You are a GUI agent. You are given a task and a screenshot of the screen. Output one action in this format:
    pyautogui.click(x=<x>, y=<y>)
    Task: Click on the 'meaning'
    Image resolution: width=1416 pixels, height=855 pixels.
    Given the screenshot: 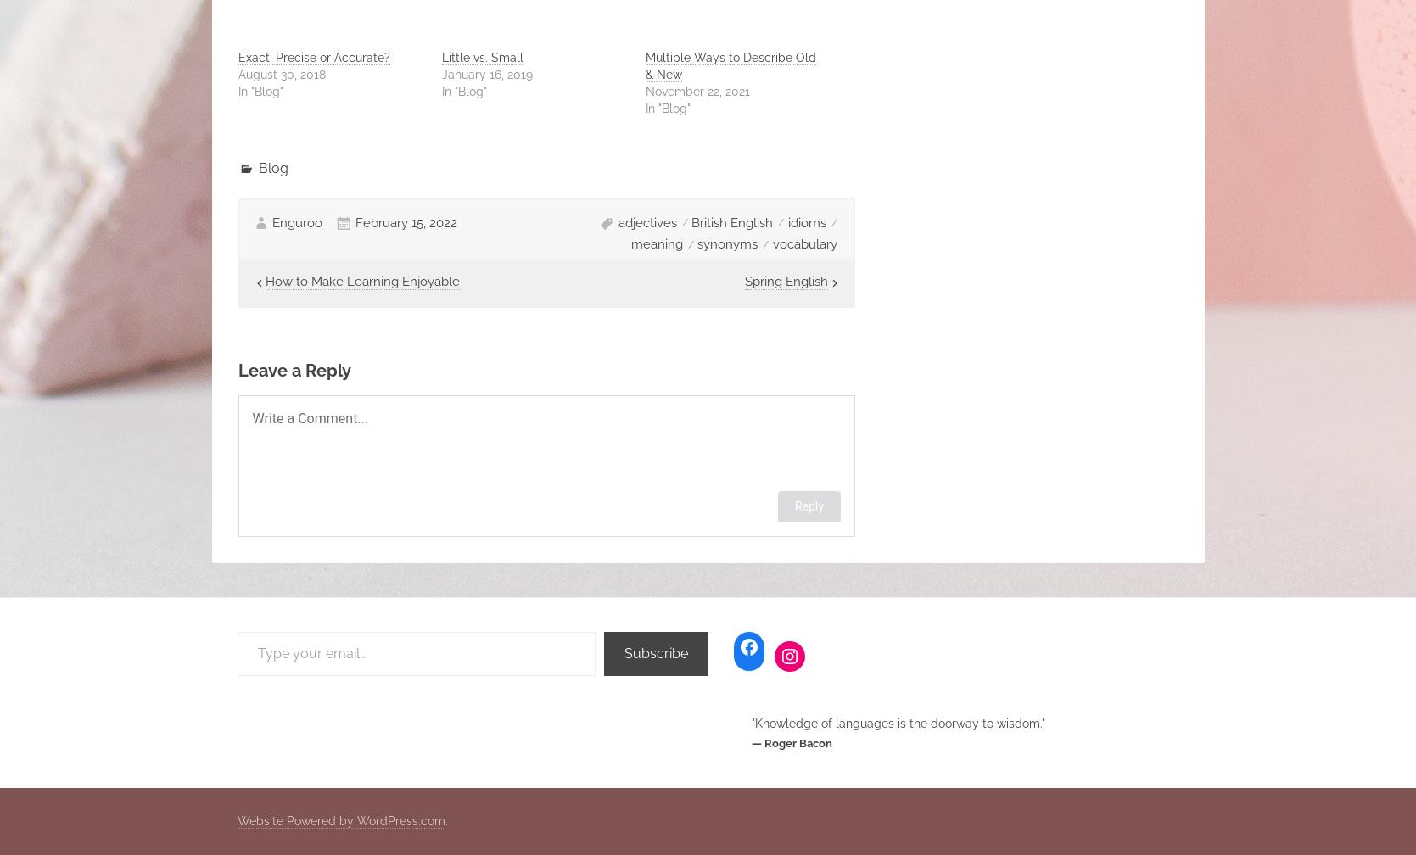 What is the action you would take?
    pyautogui.click(x=656, y=243)
    